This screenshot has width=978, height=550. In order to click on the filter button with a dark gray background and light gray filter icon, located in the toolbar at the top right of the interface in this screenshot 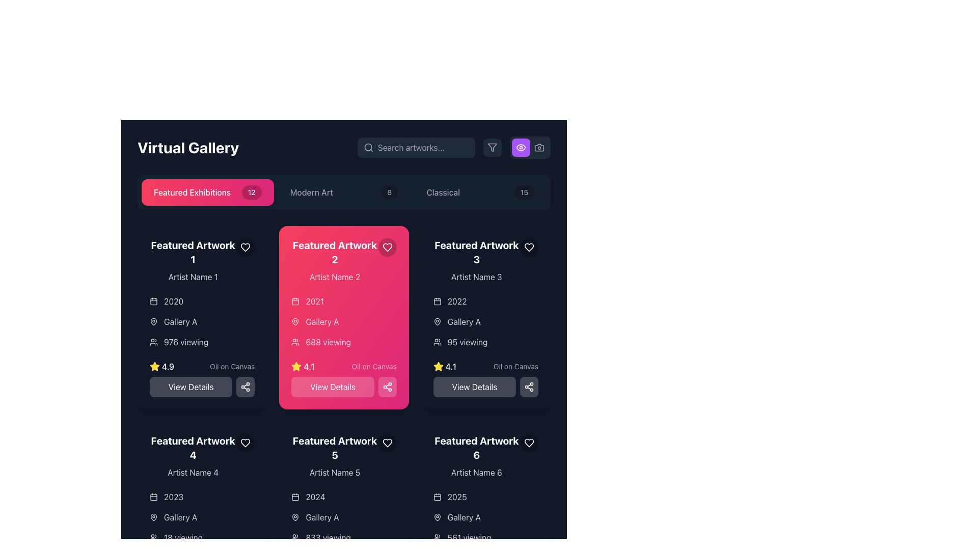, I will do `click(492, 147)`.